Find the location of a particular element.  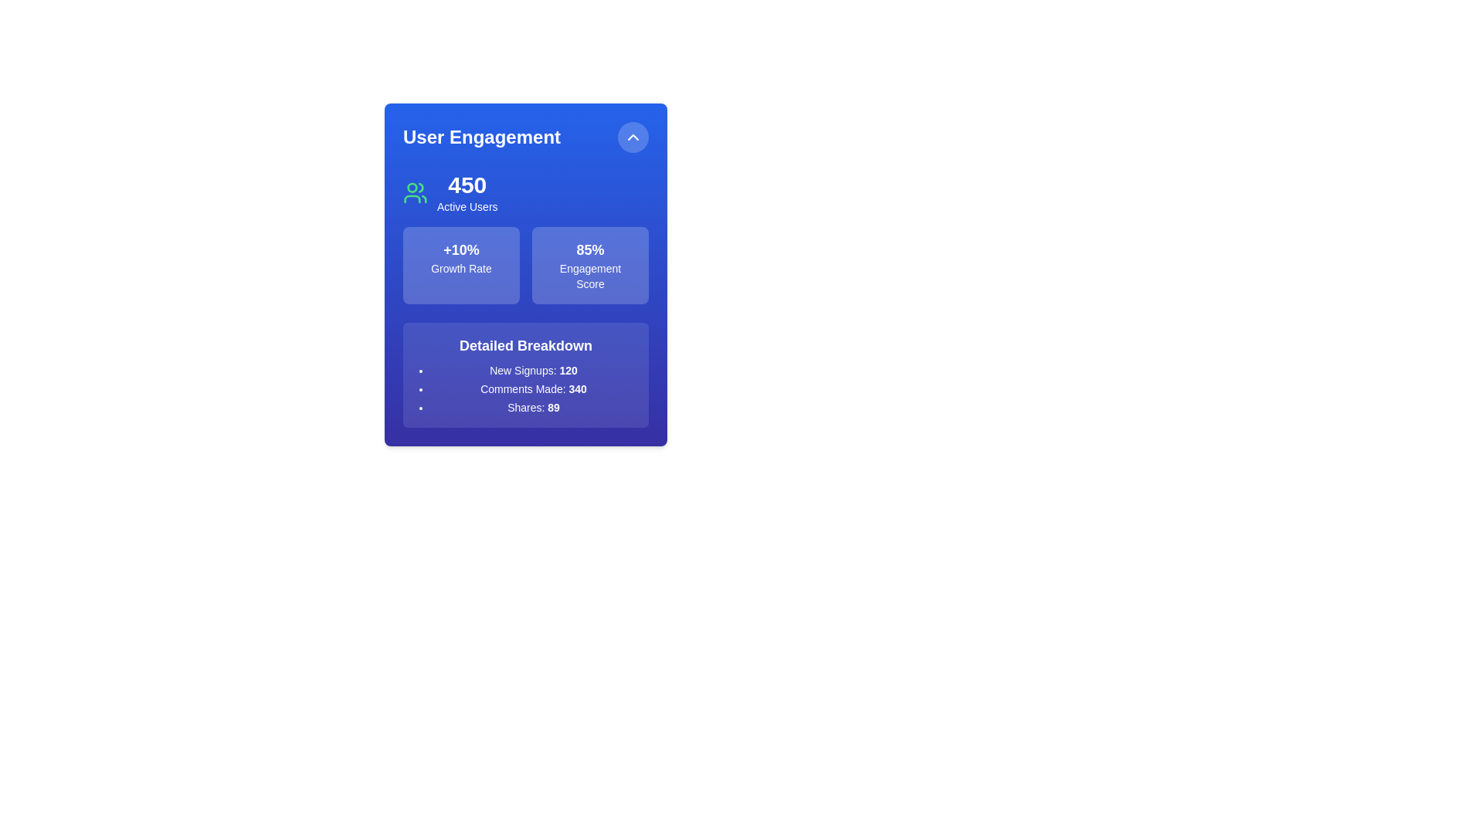

the user icon, which is represented by a greenish rounded arc segment located to the left of the '450 Active Users' text in the 'User Engagement' card is located at coordinates (412, 198).